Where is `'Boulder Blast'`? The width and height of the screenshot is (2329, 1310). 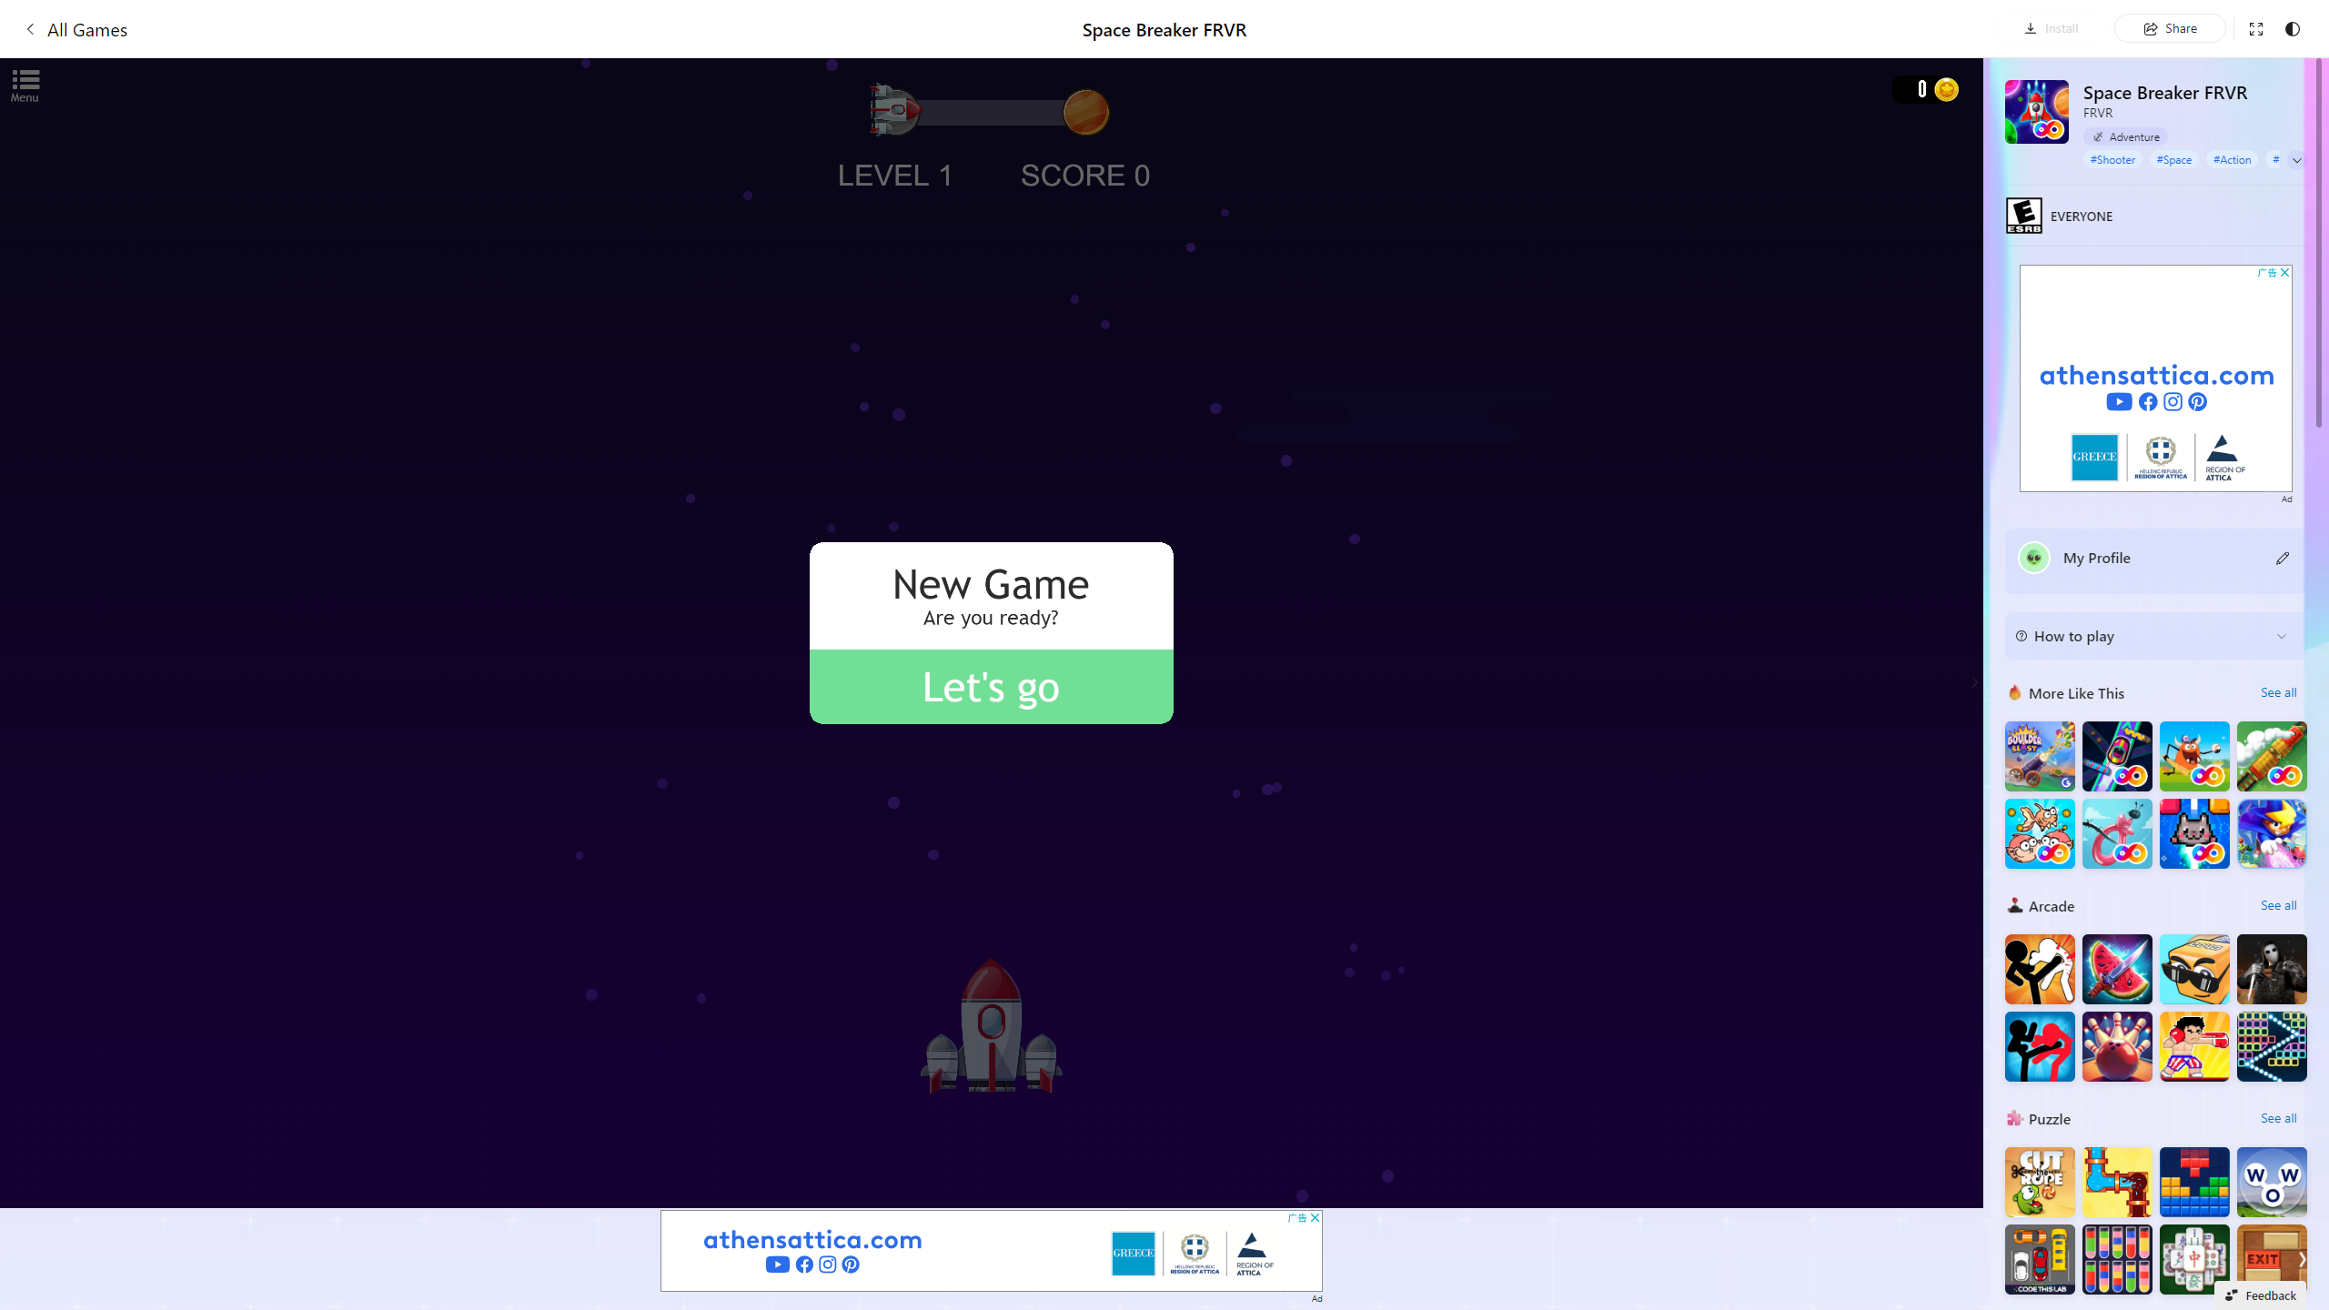 'Boulder Blast' is located at coordinates (2040, 756).